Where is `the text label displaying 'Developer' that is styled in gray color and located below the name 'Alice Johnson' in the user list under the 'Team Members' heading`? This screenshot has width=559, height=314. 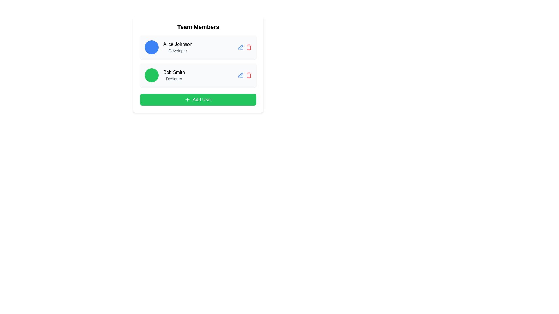
the text label displaying 'Developer' that is styled in gray color and located below the name 'Alice Johnson' in the user list under the 'Team Members' heading is located at coordinates (177, 50).